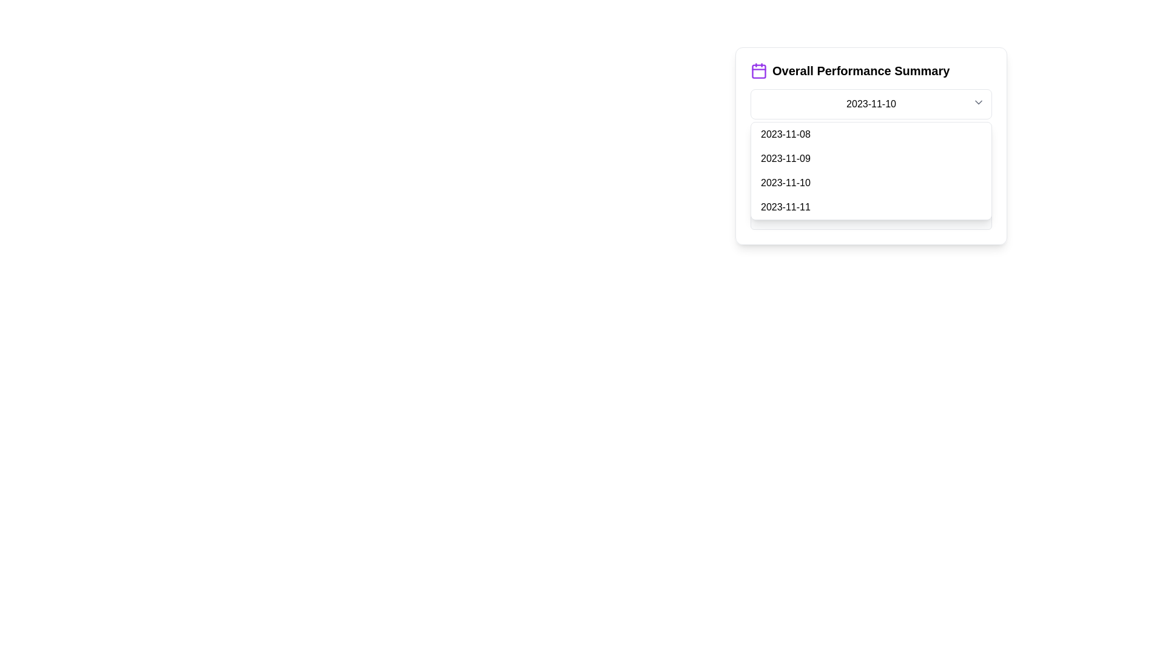  I want to click on the selectable item in the dropdown menu displaying the date '2023-11-09', so click(870, 158).